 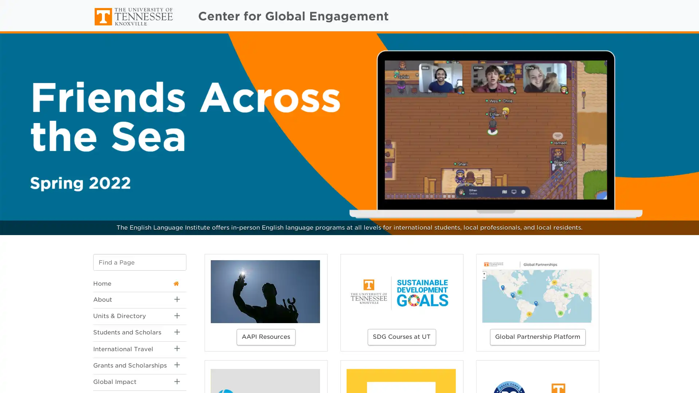 What do you see at coordinates (92, 275) in the screenshot?
I see `Go` at bounding box center [92, 275].